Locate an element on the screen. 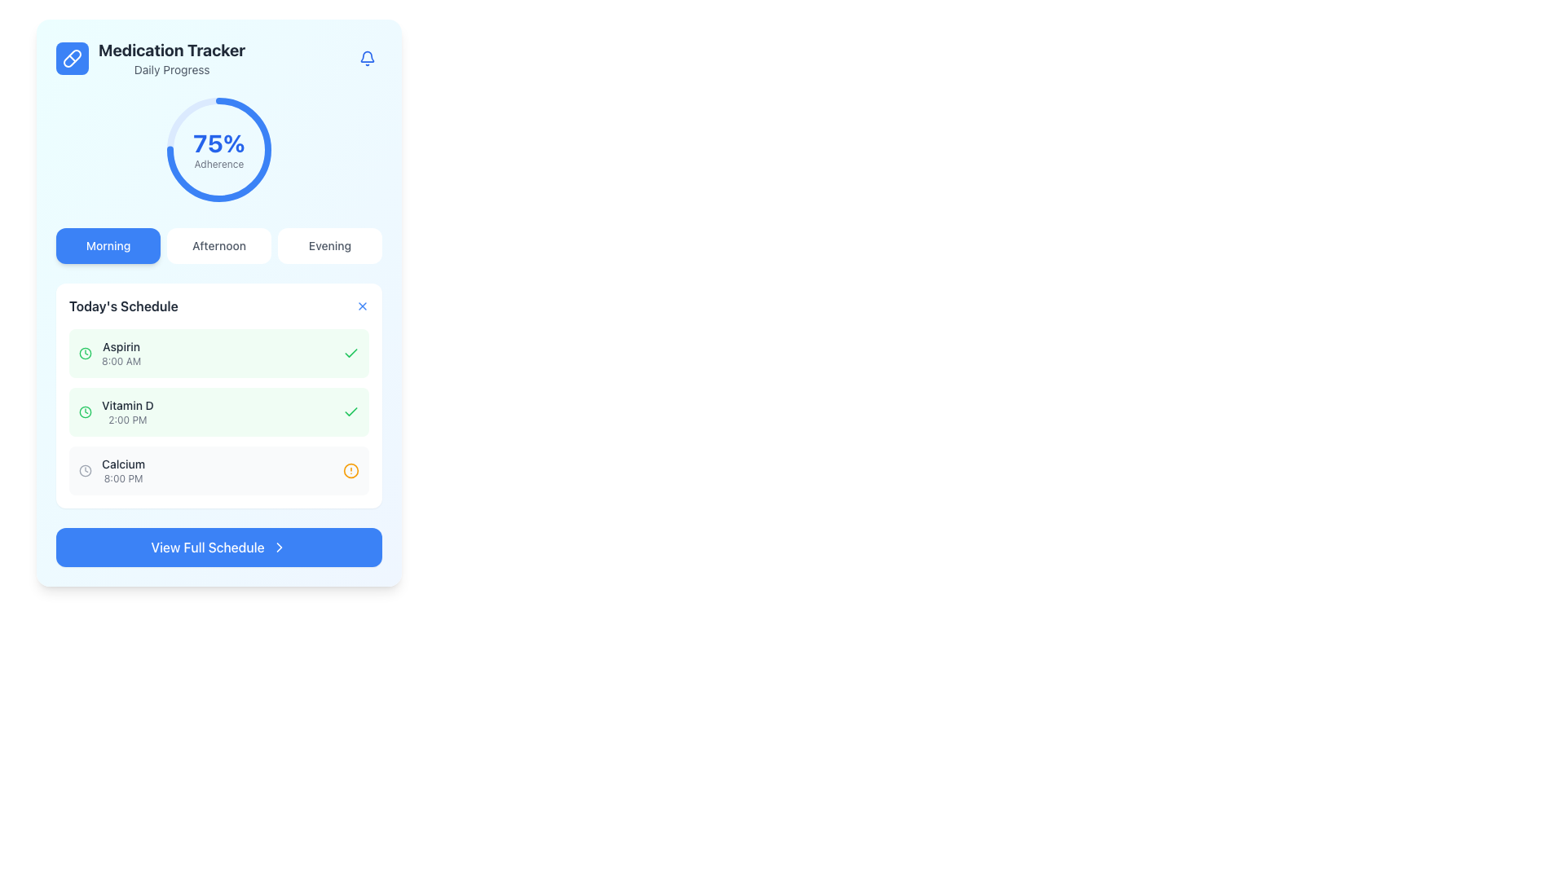  the medication schedule entry for 'Aspirin' with a green background is located at coordinates (218, 353).